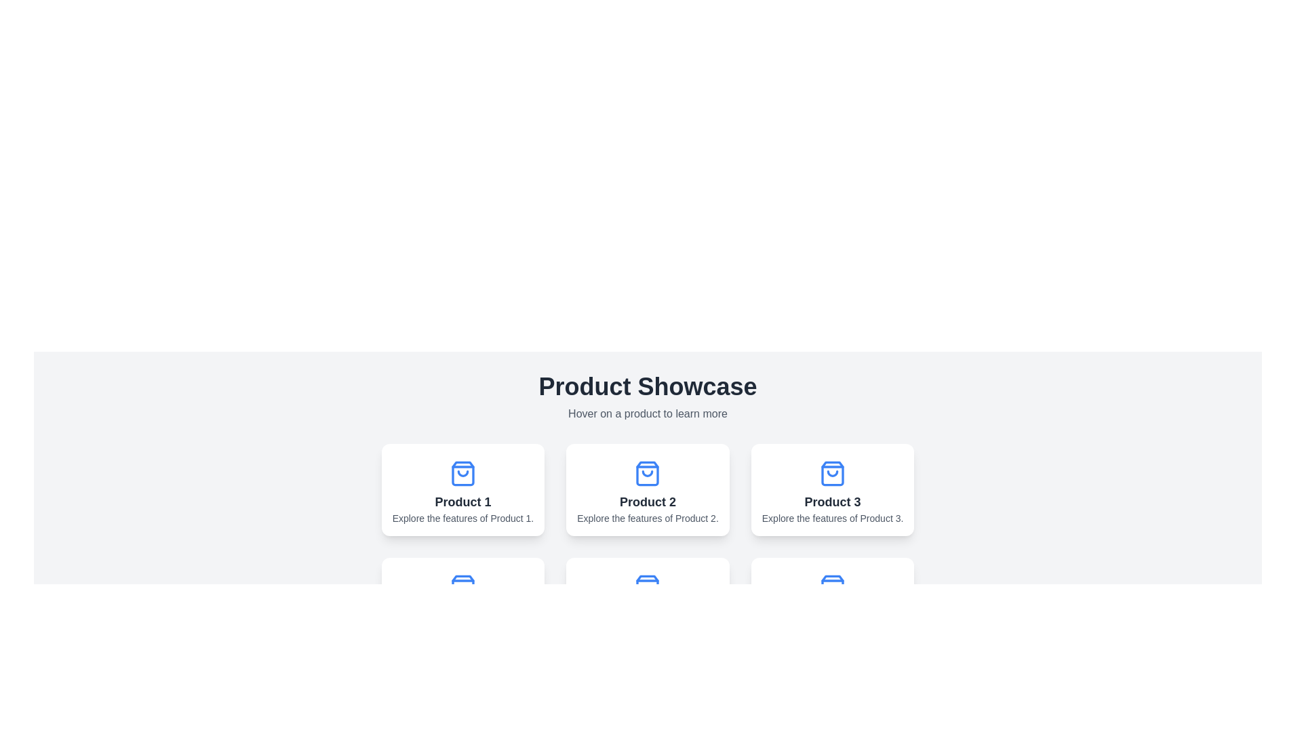  What do you see at coordinates (462, 502) in the screenshot?
I see `label displaying 'Product 1', which is a bold text centered within the card for 'Product 1'` at bounding box center [462, 502].